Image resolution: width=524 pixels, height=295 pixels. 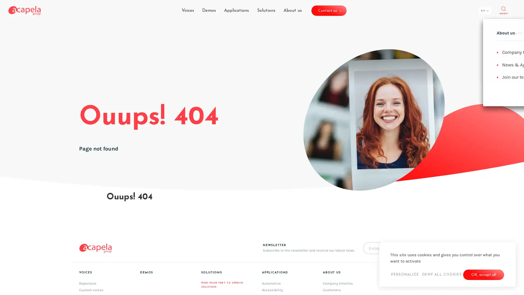 I want to click on PERSONALIZE, so click(x=405, y=275).